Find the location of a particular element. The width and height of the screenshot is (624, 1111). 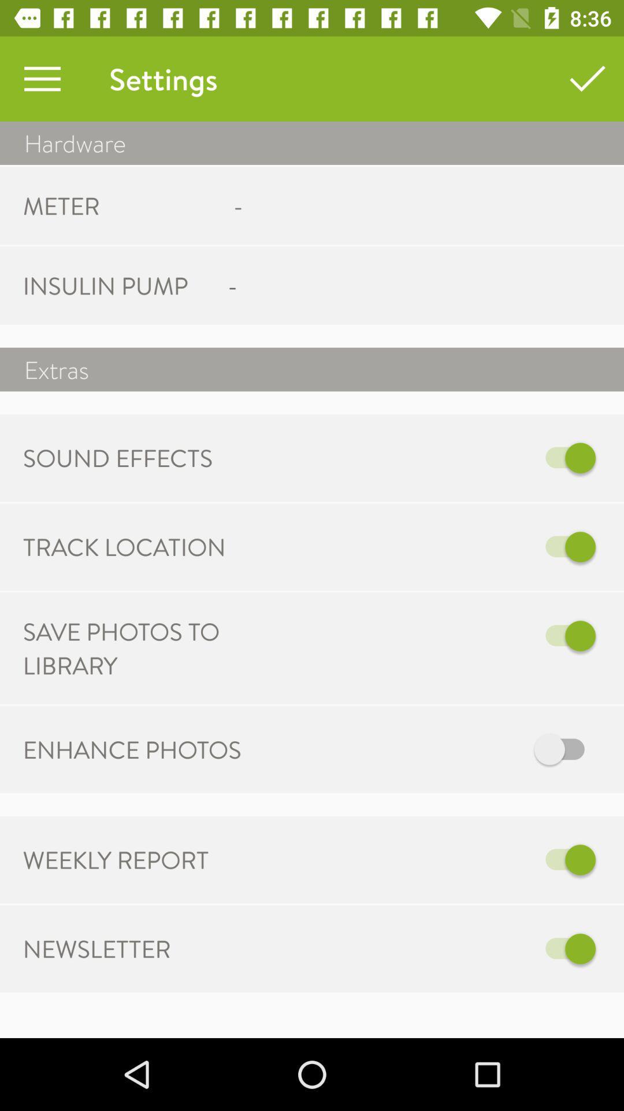

item to the right of weekly report item is located at coordinates (432, 860).